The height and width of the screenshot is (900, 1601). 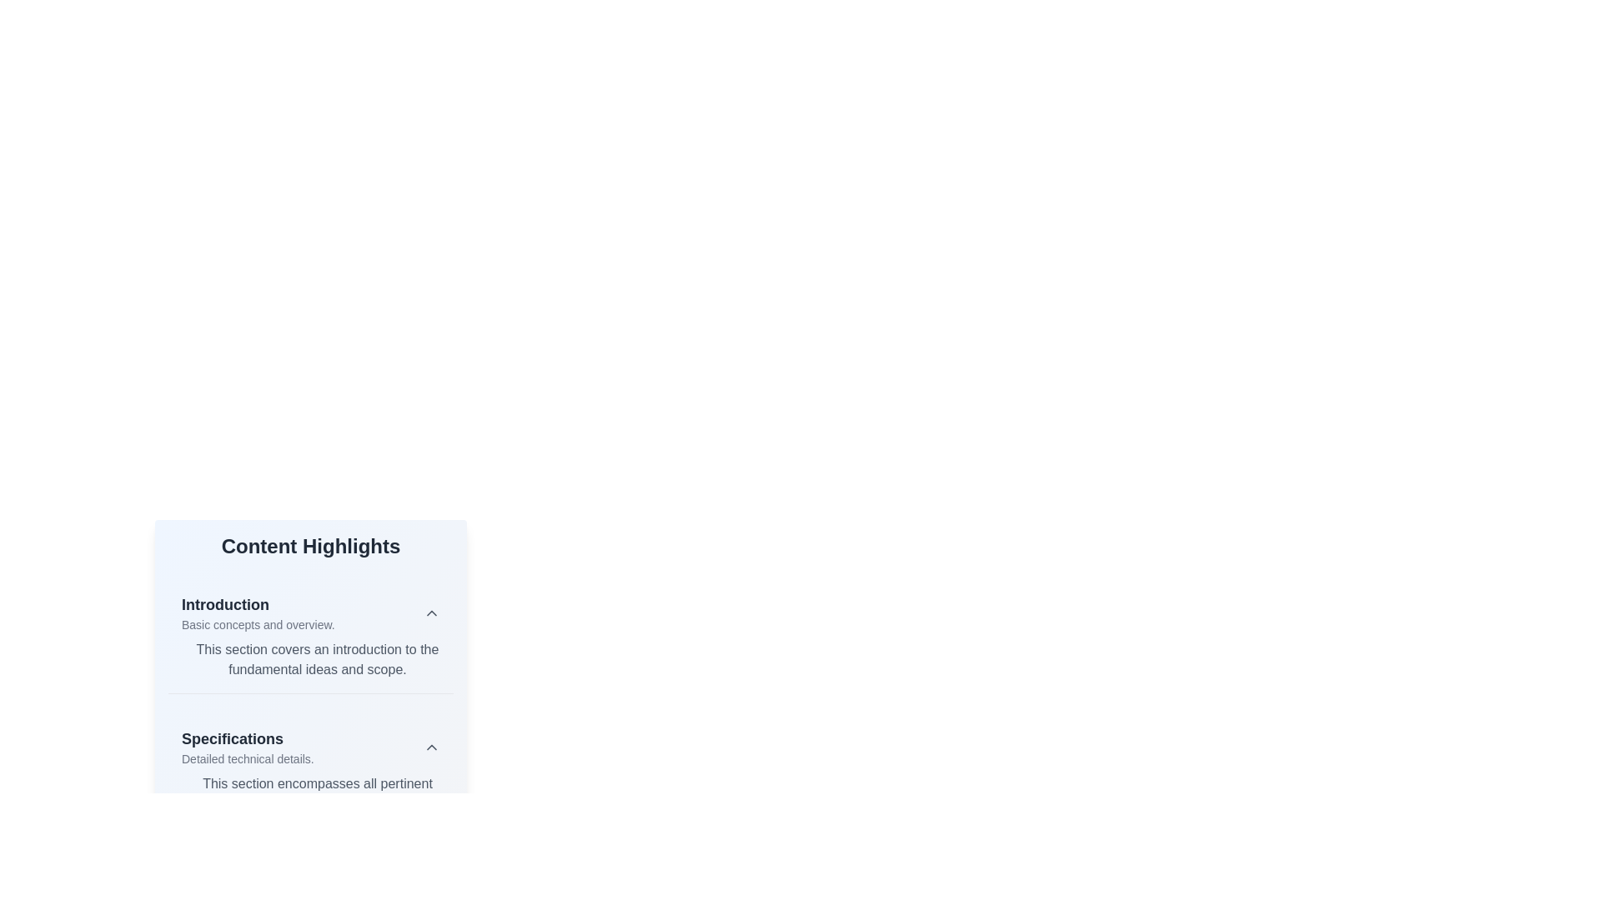 I want to click on the text label reading 'Detailed technical details.' which is styled in a small font size and light gray color, positioned beneath the 'Specifications' heading, so click(x=247, y=758).